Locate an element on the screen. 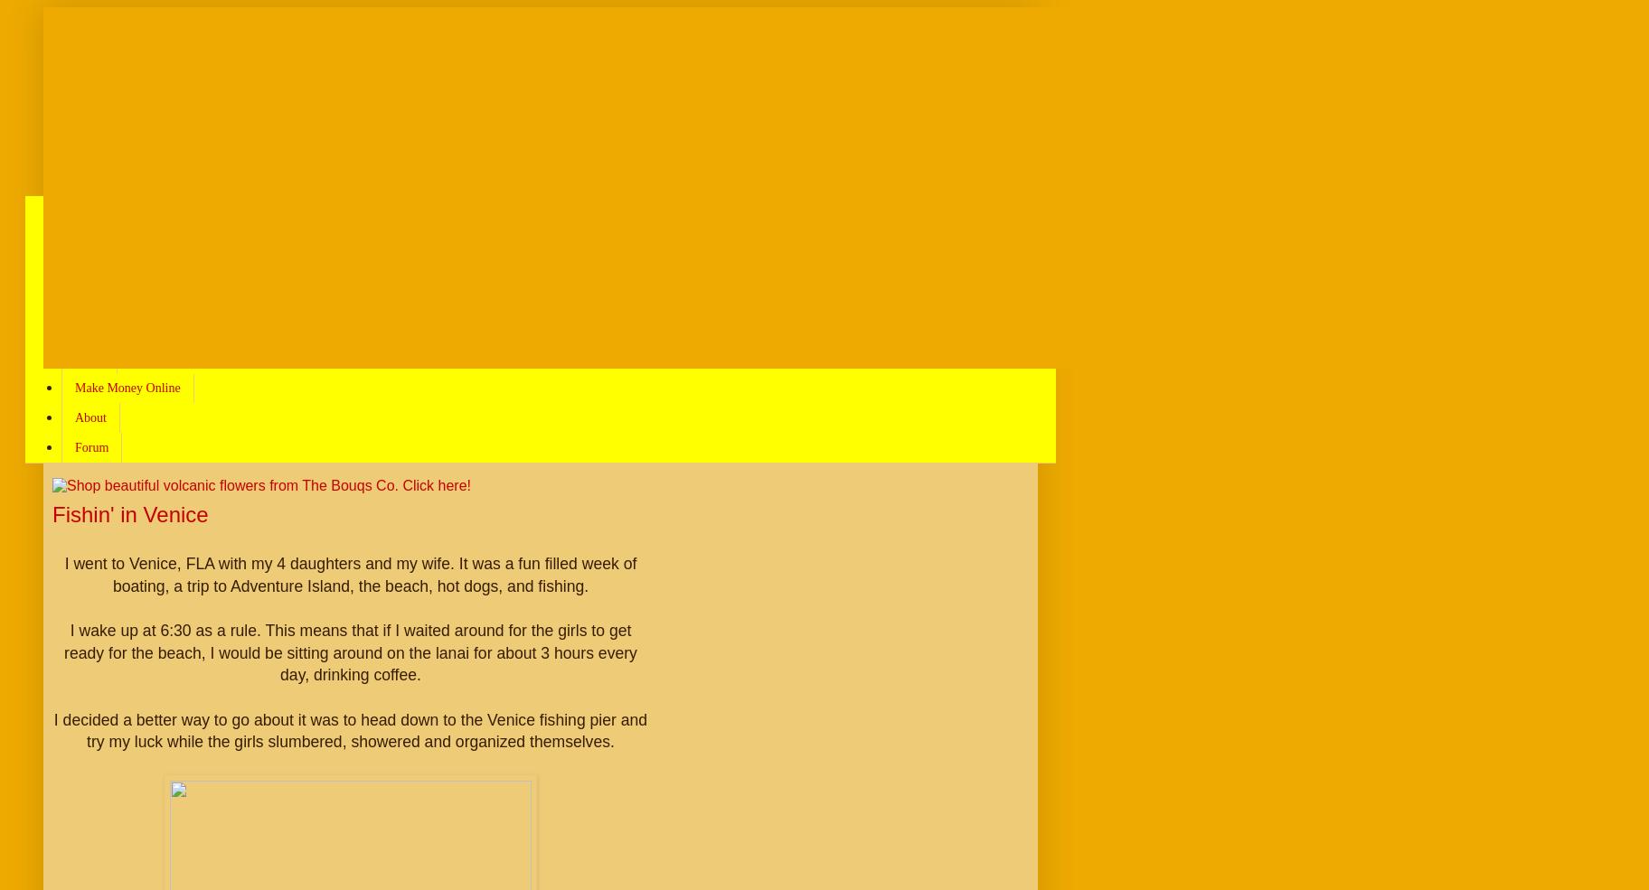 The width and height of the screenshot is (1649, 890). 'I went to Venice, FLA with my 4 daughters and my wife. It was a fun filled week of boating, a trip to Adventure Island, the beach, hot dogs, and fishing.' is located at coordinates (62, 574).